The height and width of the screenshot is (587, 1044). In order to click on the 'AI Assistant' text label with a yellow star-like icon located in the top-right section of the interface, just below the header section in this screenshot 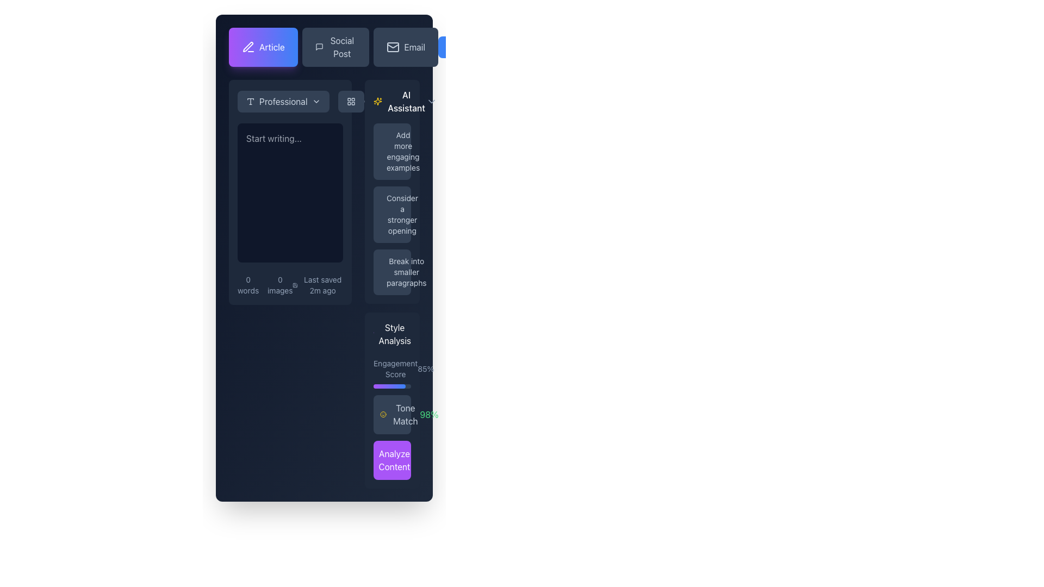, I will do `click(399, 101)`.